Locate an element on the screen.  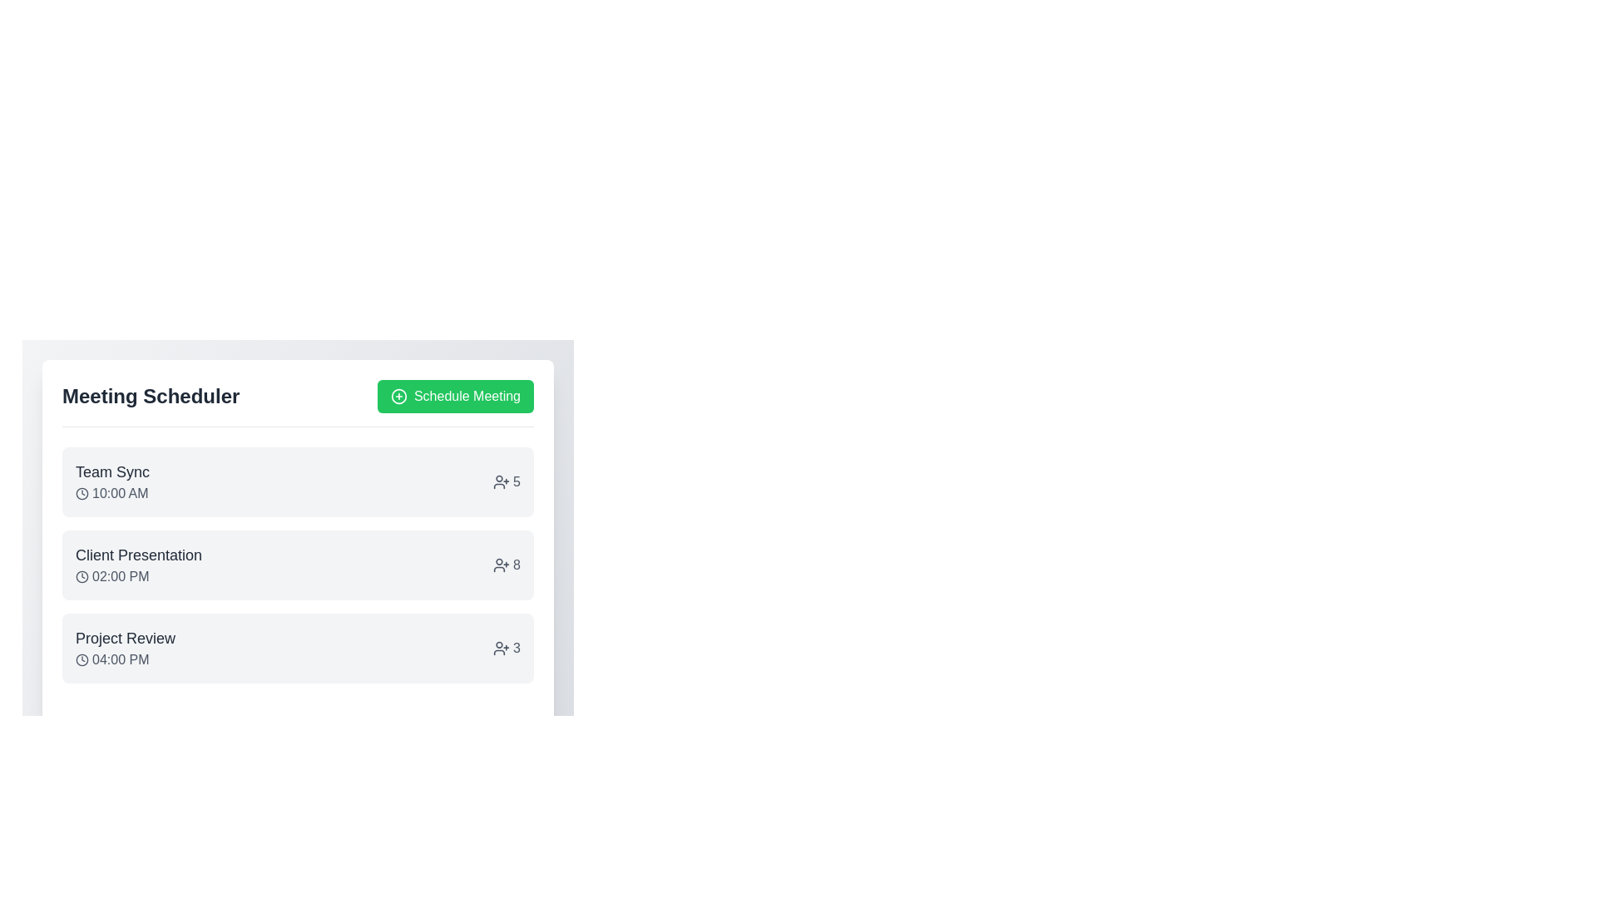
the label displaying '04:00 PM' with a clock icon in gray, located under 'Project Review' in the 'Meeting Scheduler' section is located at coordinates (125, 659).